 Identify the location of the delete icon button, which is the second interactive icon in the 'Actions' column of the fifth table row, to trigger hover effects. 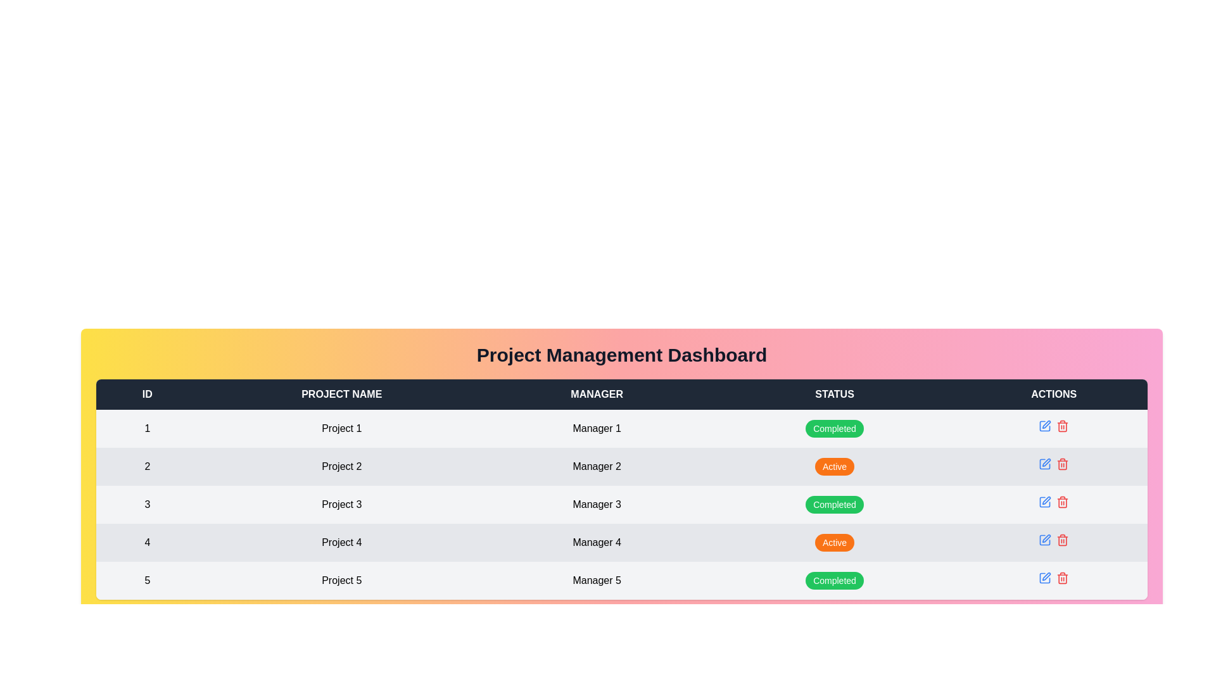
(1063, 578).